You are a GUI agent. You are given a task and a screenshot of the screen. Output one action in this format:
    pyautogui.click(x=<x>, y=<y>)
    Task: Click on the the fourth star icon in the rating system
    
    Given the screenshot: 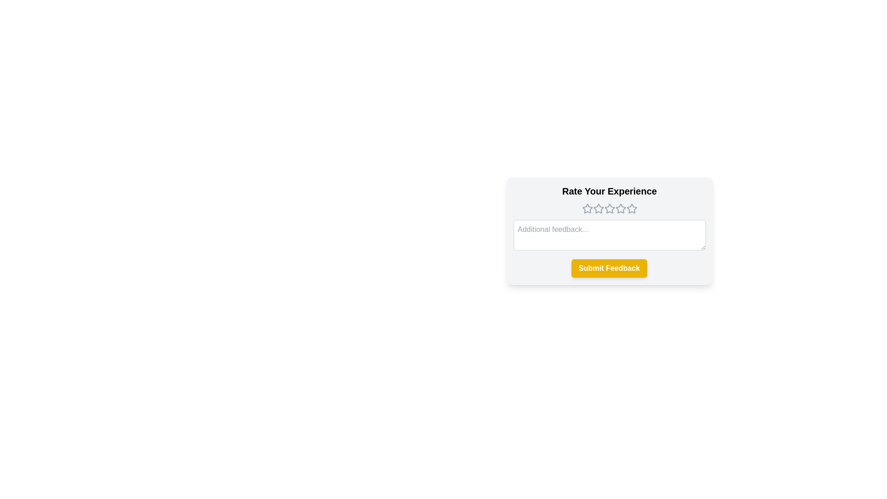 What is the action you would take?
    pyautogui.click(x=620, y=208)
    